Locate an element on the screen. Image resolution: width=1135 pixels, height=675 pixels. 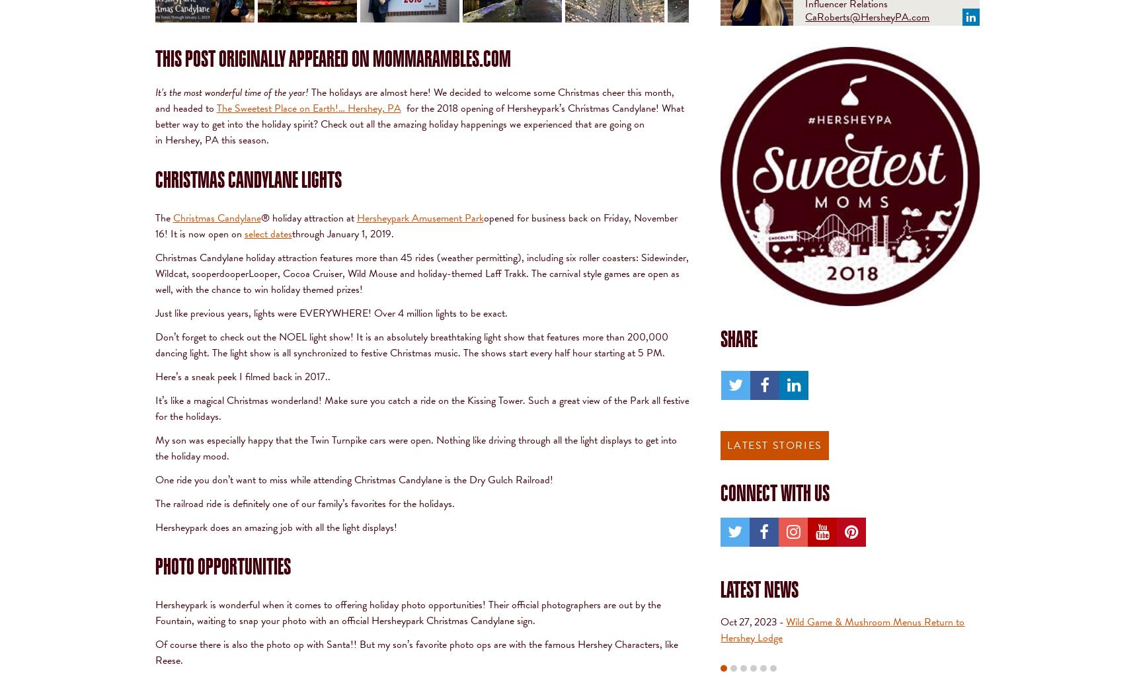
'The Sweetest Place on Earth!… Hershey, PA' is located at coordinates (307, 107).